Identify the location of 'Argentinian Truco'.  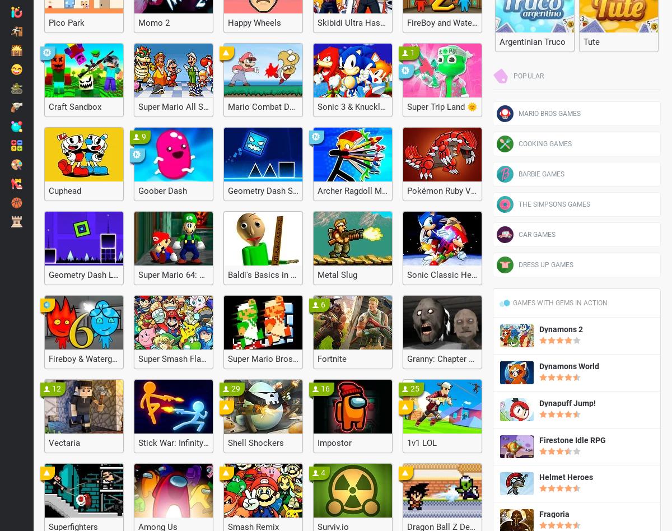
(533, 41).